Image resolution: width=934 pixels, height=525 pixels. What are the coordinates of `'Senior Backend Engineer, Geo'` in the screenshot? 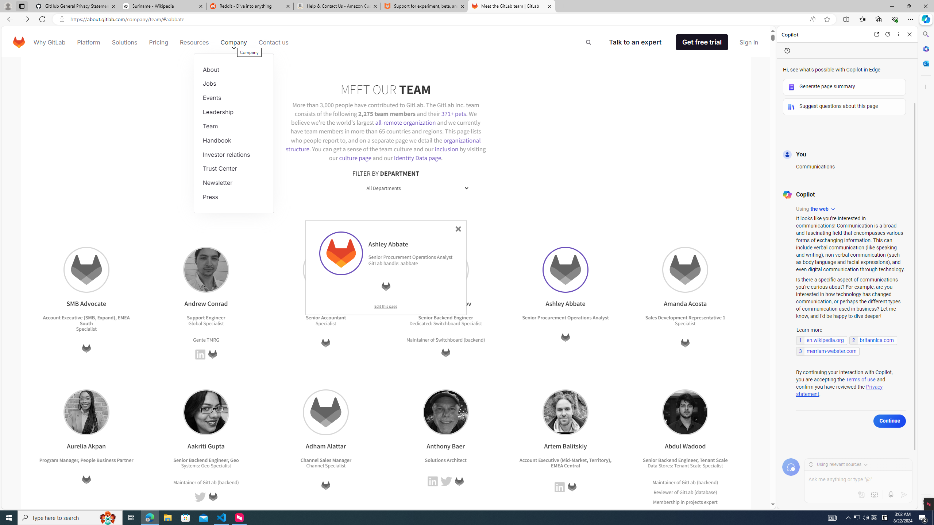 It's located at (206, 459).